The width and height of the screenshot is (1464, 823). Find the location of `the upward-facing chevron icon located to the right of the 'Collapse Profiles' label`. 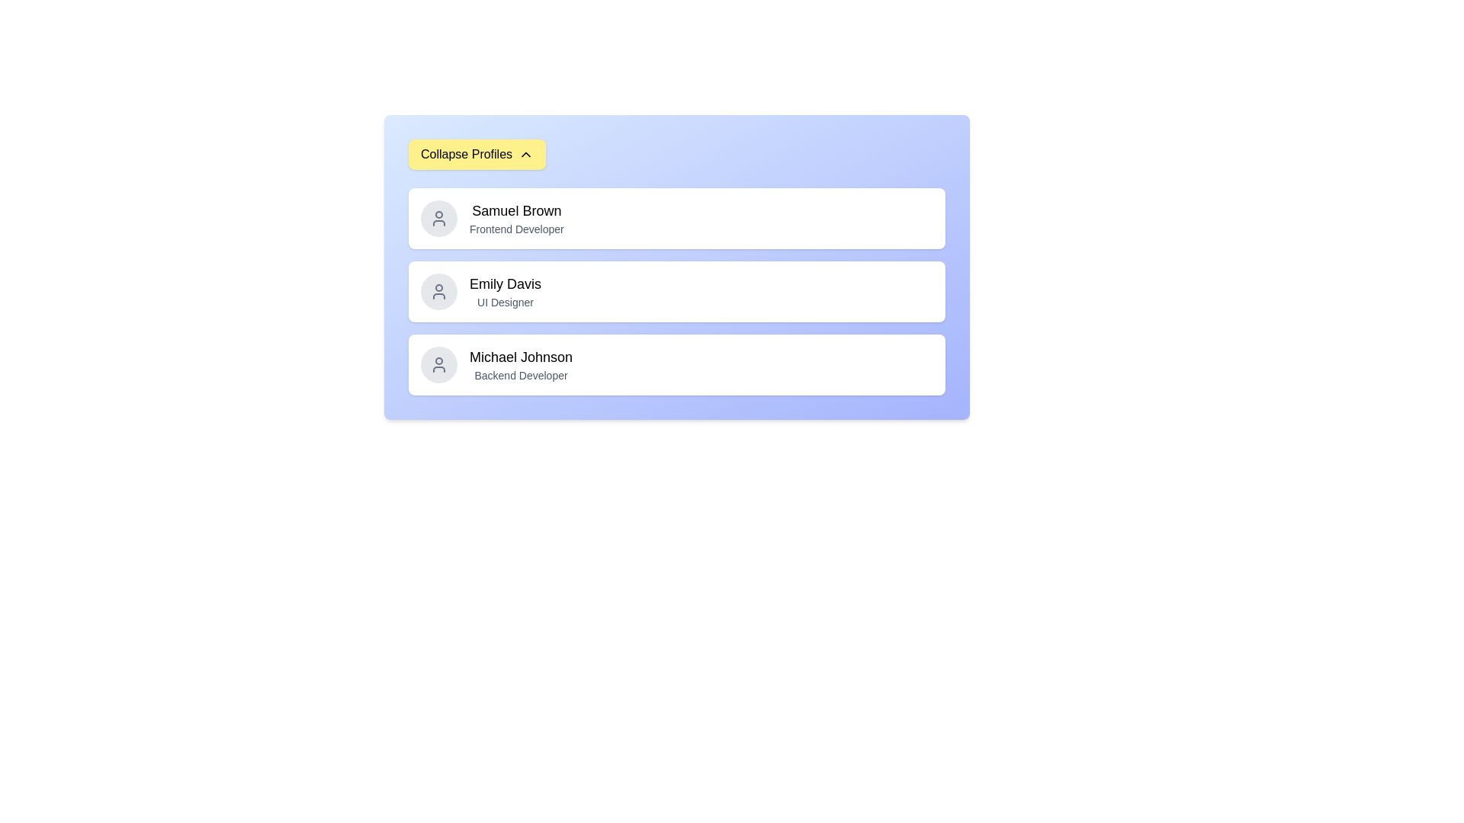

the upward-facing chevron icon located to the right of the 'Collapse Profiles' label is located at coordinates (526, 155).